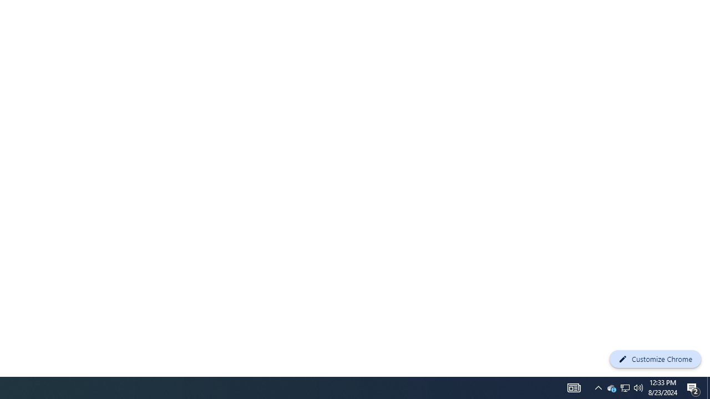 This screenshot has width=710, height=399. I want to click on 'Customize Chrome', so click(655, 359).